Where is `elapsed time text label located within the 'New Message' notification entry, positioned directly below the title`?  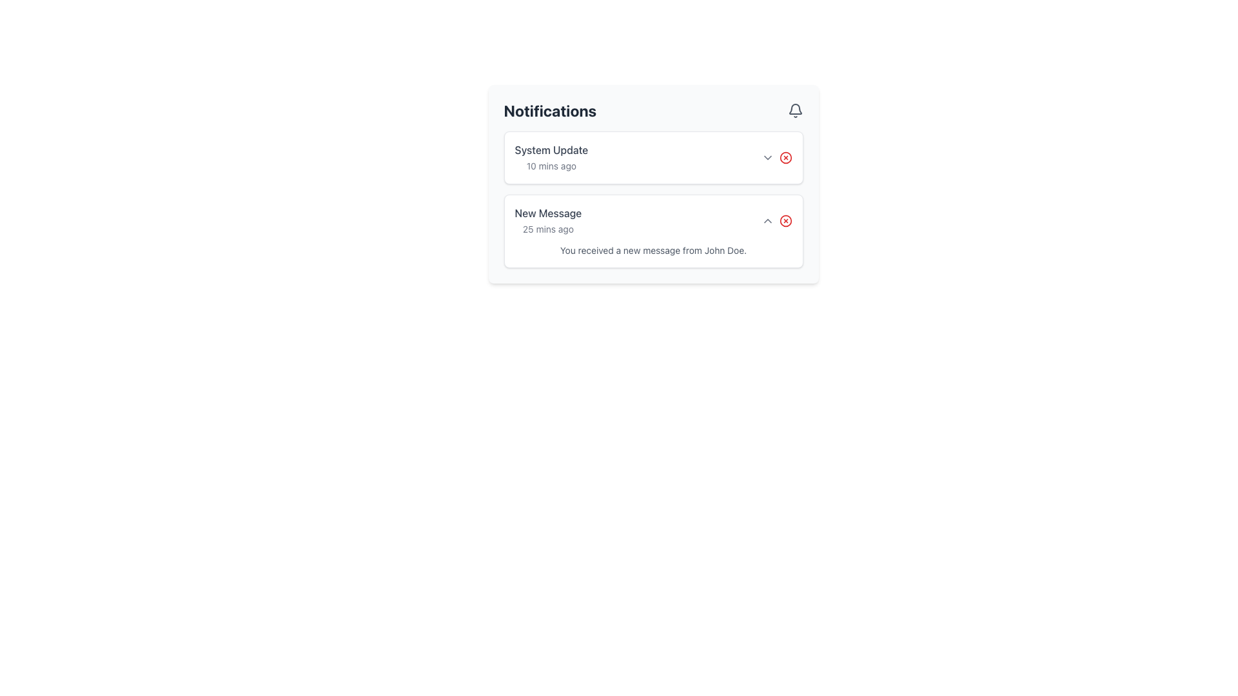
elapsed time text label located within the 'New Message' notification entry, positioned directly below the title is located at coordinates (548, 228).